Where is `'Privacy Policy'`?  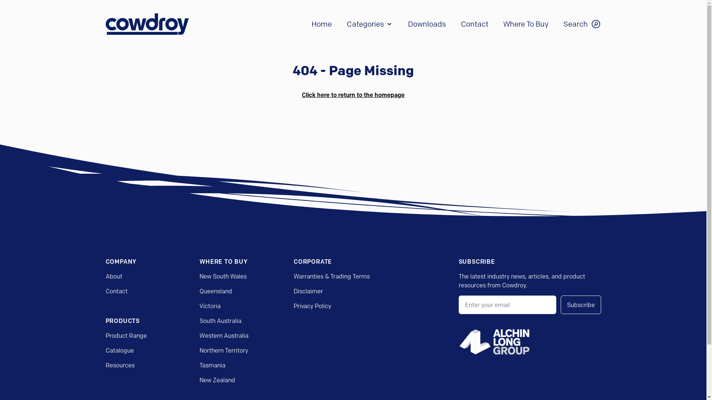
'Privacy Policy' is located at coordinates (312, 306).